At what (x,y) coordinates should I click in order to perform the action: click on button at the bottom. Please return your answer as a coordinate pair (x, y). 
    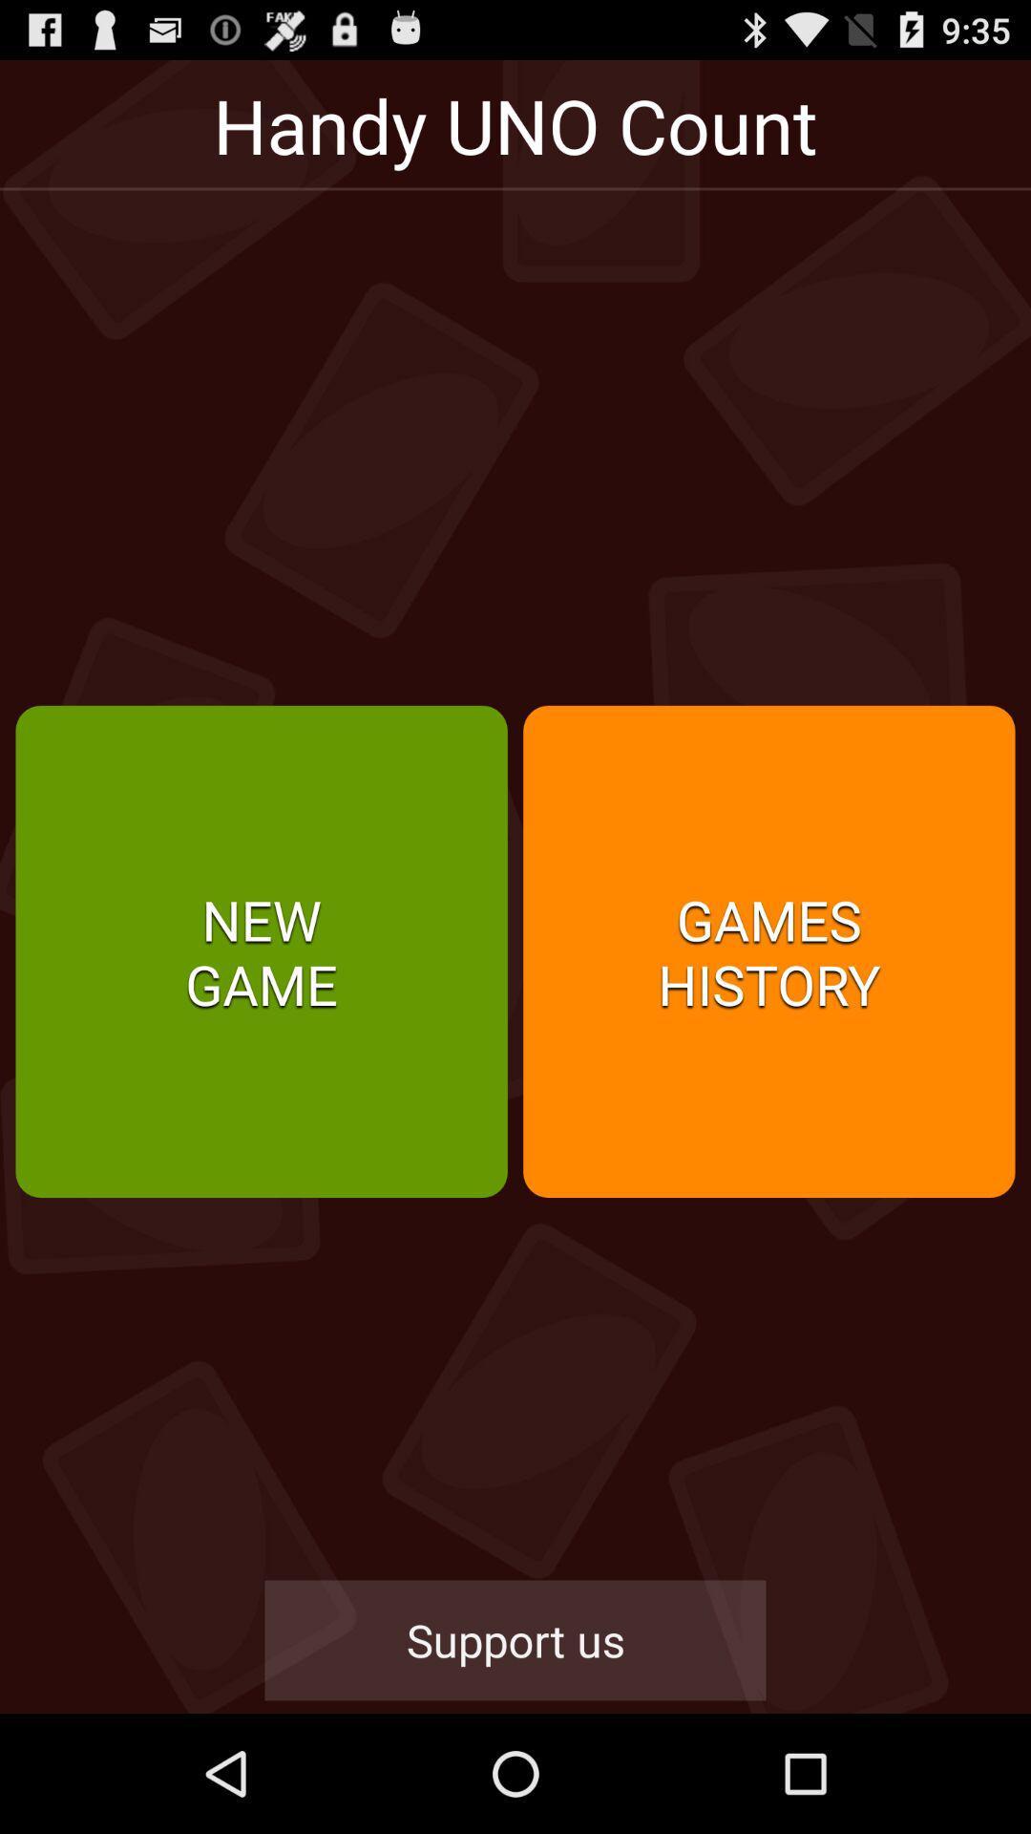
    Looking at the image, I should click on (515, 1639).